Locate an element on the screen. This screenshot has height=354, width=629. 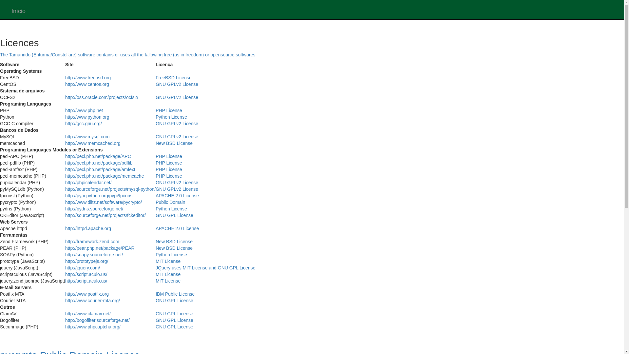
'http://jquery.com/' is located at coordinates (65, 268).